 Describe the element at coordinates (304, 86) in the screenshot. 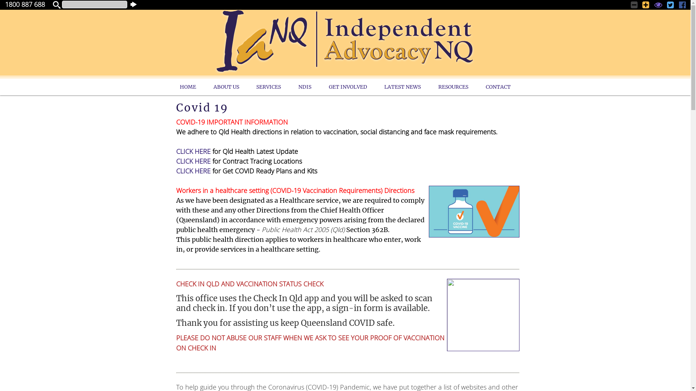

I see `'NDIS'` at that location.